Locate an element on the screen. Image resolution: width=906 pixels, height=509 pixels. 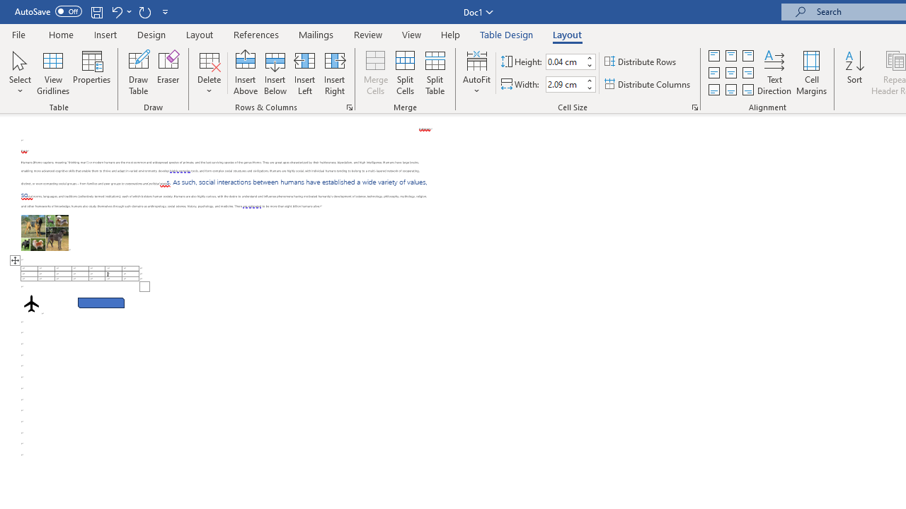
'Insert Above' is located at coordinates (246, 73).